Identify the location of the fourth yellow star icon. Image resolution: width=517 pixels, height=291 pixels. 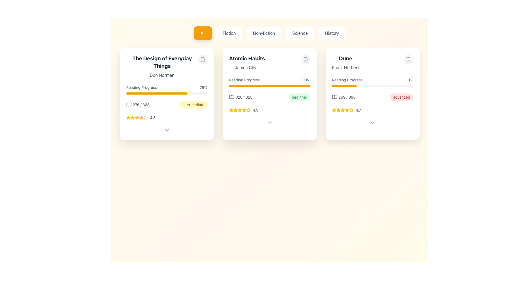
(248, 110).